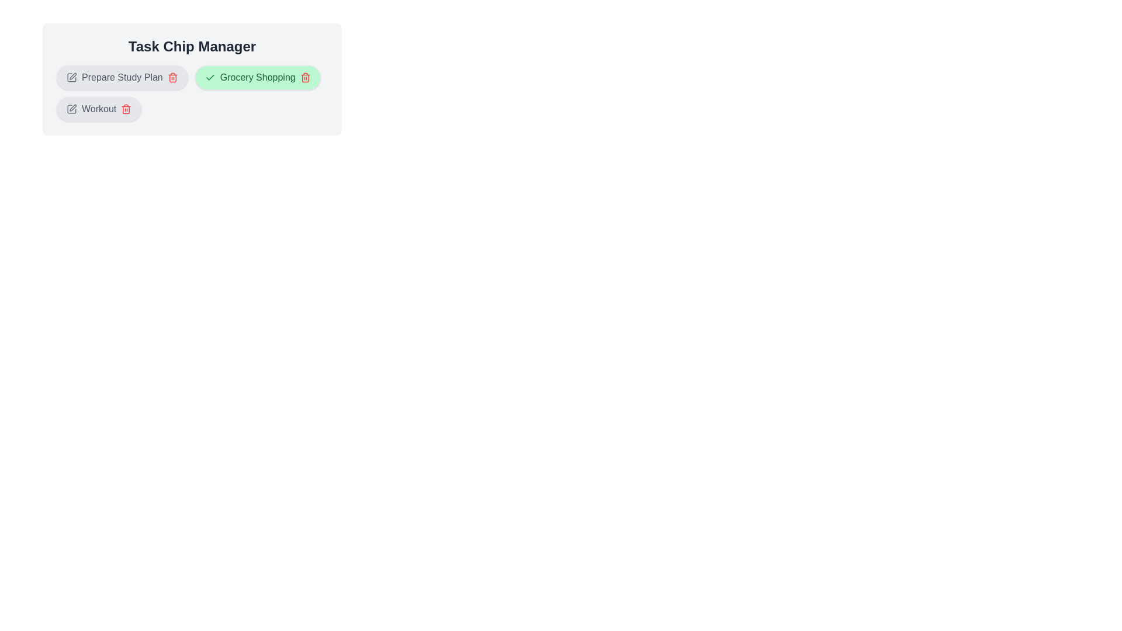 This screenshot has height=631, width=1122. What do you see at coordinates (71, 109) in the screenshot?
I see `the edit button positioned to the left of the 'Workout' task text to initiate editing` at bounding box center [71, 109].